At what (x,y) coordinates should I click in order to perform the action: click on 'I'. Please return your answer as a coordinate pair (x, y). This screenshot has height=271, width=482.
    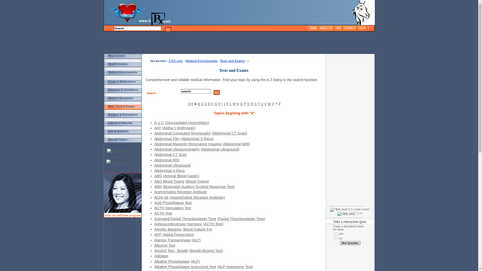
    Looking at the image, I should click on (222, 103).